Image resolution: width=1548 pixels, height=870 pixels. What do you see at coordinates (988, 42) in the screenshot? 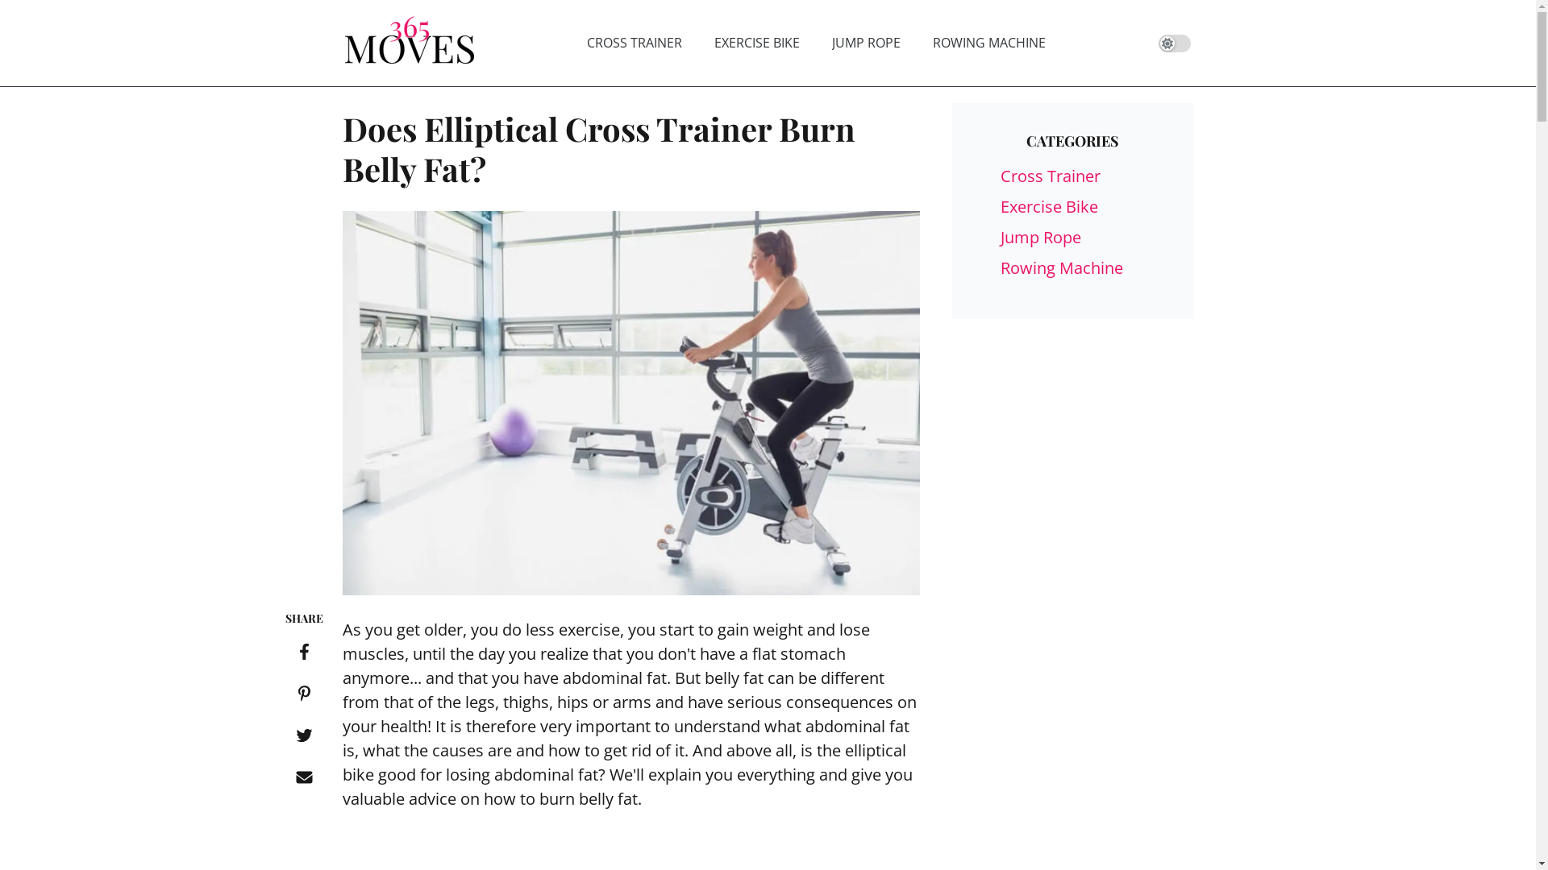
I see `'ROWING MACHINE'` at bounding box center [988, 42].